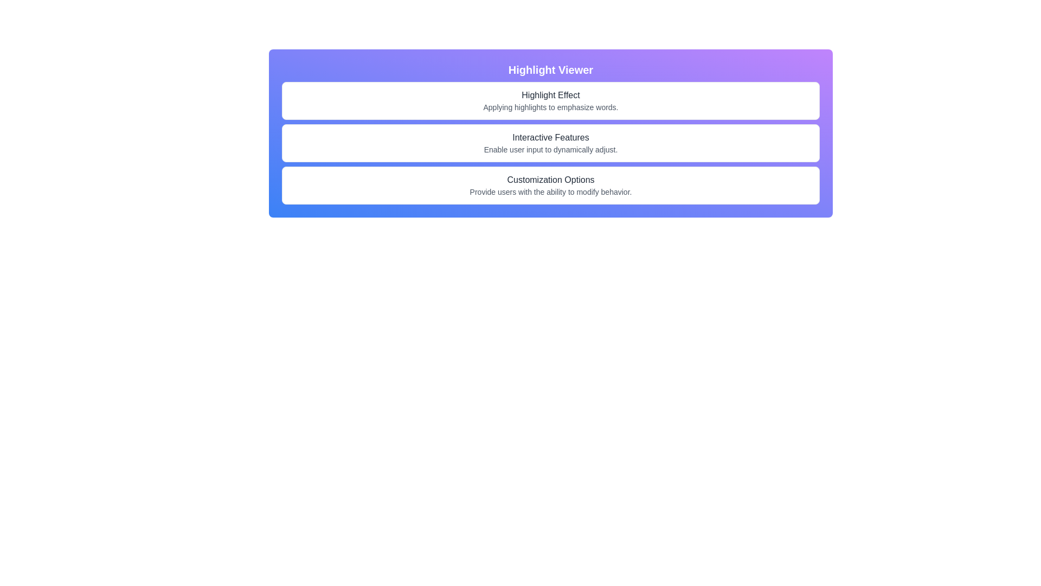  I want to click on the character 'n' in the word 'Customization' from the heading 'Customization Options', so click(560, 179).